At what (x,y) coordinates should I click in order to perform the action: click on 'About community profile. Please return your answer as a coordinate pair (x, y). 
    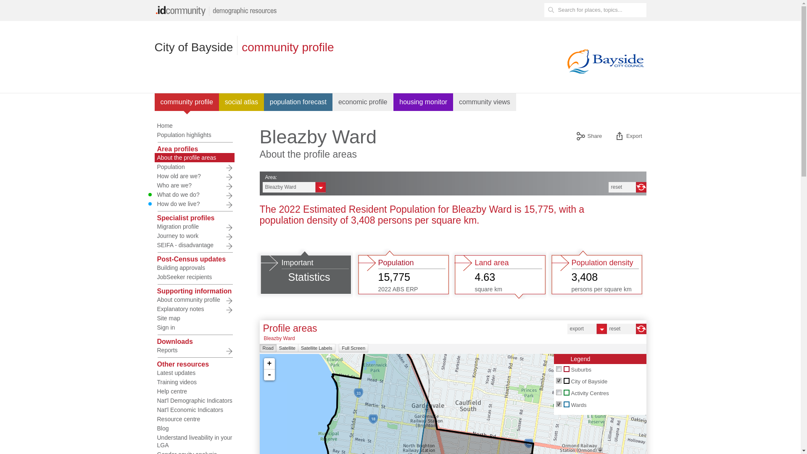
    Looking at the image, I should click on (194, 299).